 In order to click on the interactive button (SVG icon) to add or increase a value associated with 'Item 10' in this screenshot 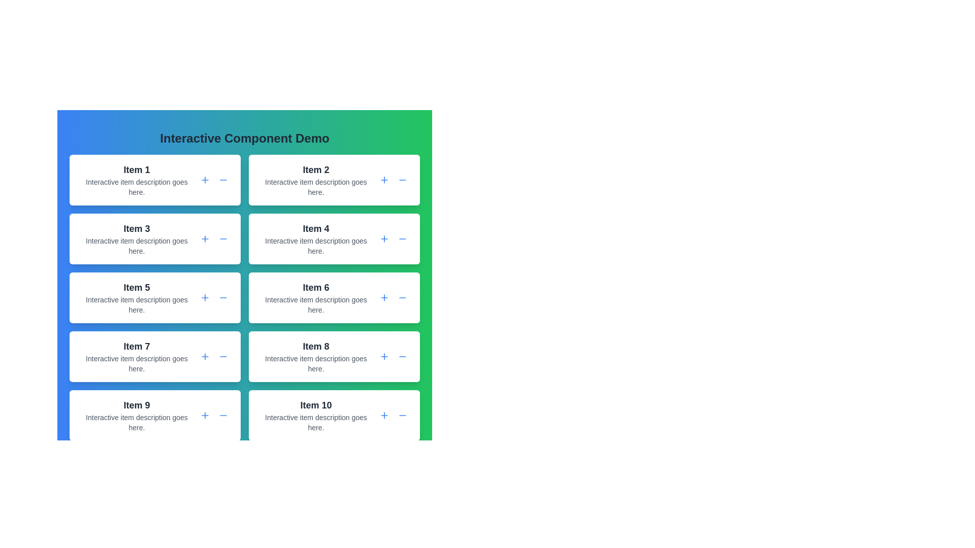, I will do `click(384, 415)`.